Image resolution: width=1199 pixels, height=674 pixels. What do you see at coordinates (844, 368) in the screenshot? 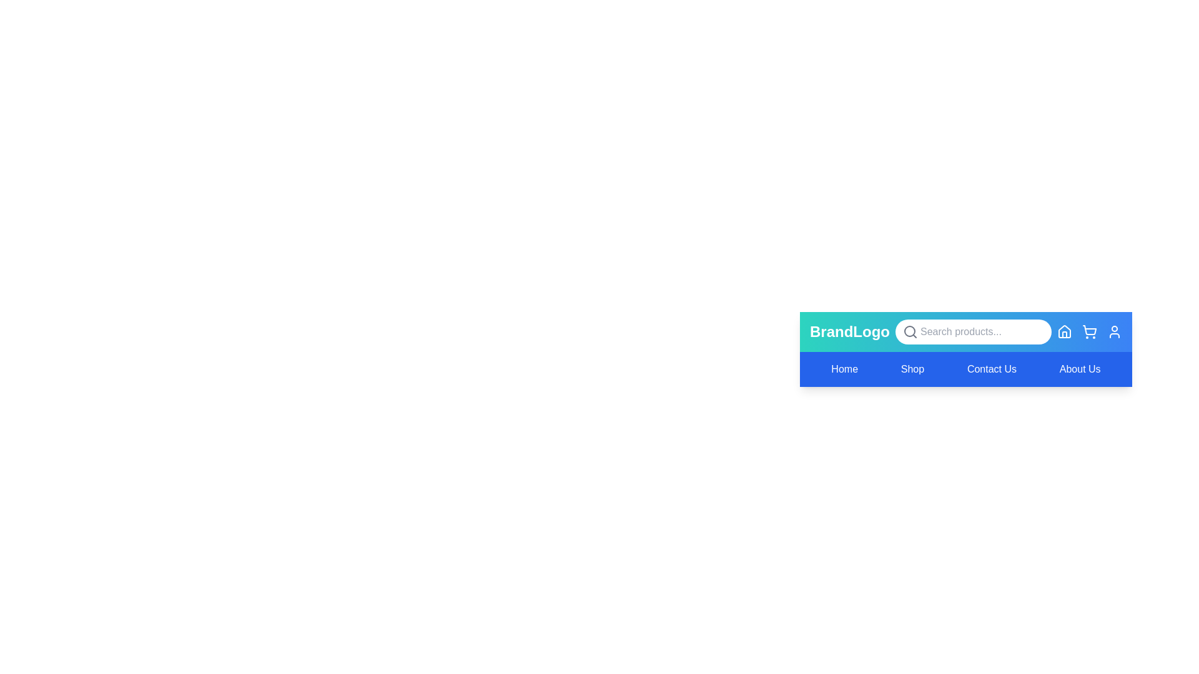
I see `the menu item labeled Home to observe its hover effect` at bounding box center [844, 368].